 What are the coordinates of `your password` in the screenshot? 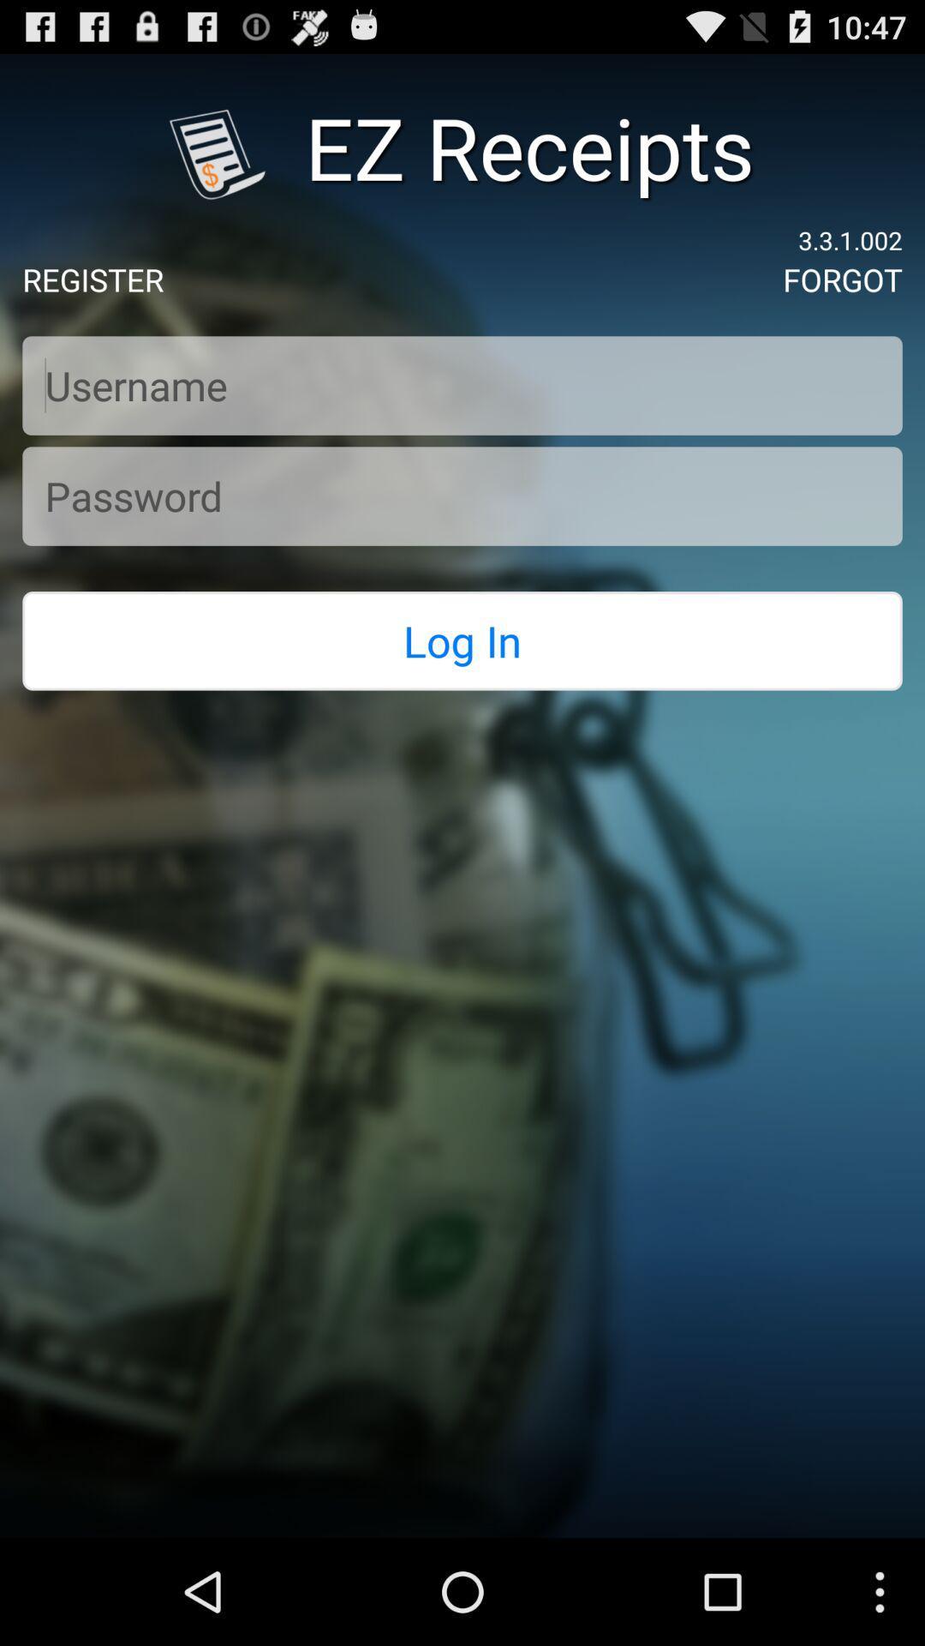 It's located at (462, 496).